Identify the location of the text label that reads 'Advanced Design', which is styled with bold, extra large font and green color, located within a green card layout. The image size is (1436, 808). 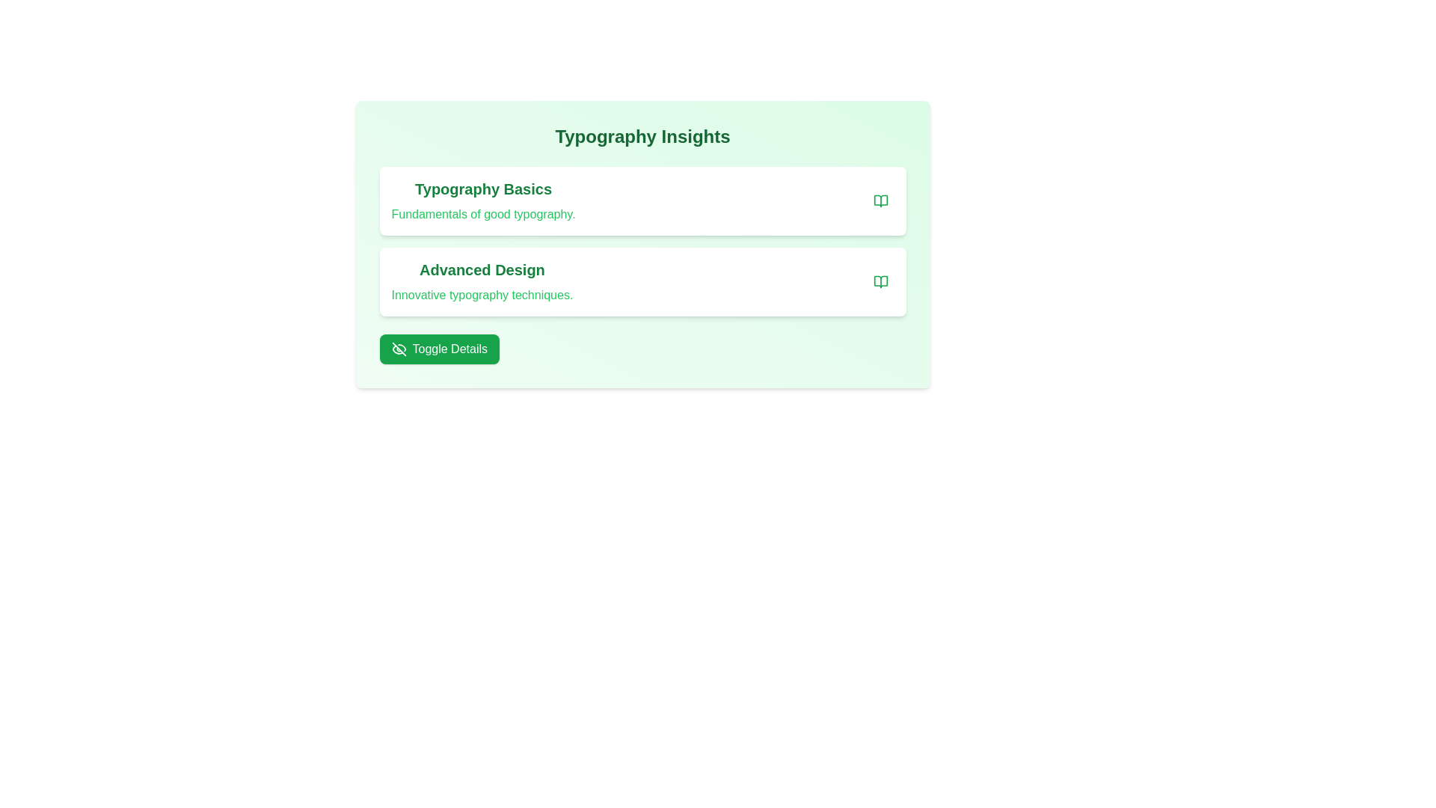
(482, 270).